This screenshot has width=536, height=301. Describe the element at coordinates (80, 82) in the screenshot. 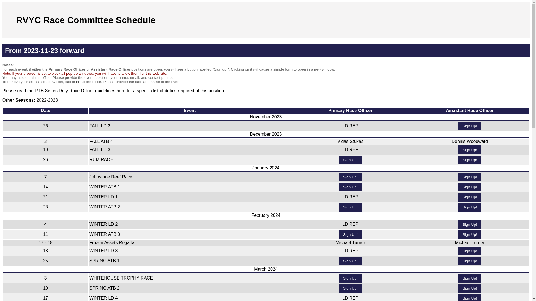

I see `'email'` at that location.